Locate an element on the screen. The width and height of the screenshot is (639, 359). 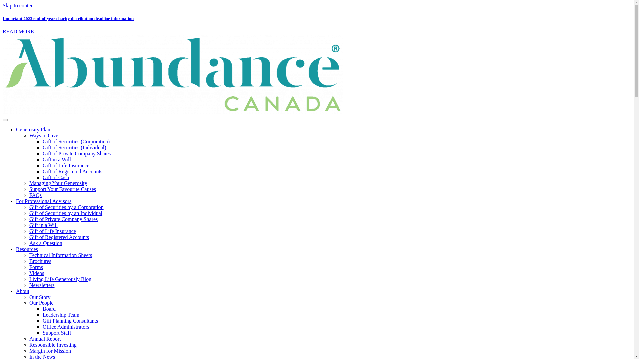
'Gift in a Will' is located at coordinates (43, 225).